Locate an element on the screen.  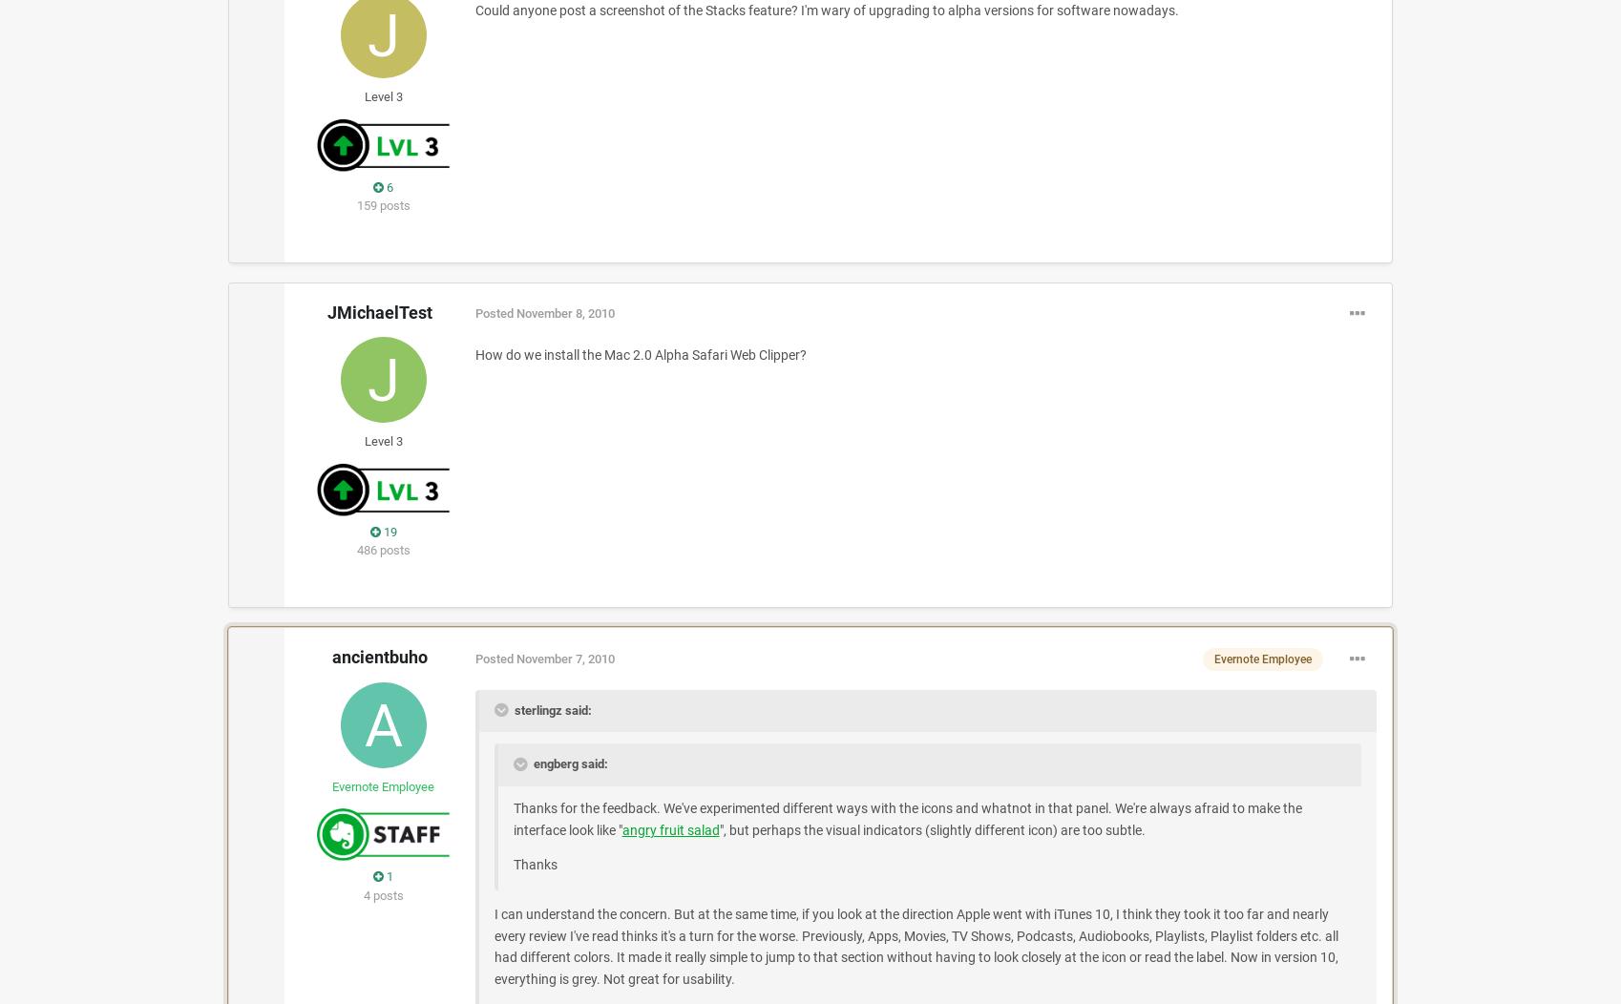
'November 8, 2010' is located at coordinates (564, 312).